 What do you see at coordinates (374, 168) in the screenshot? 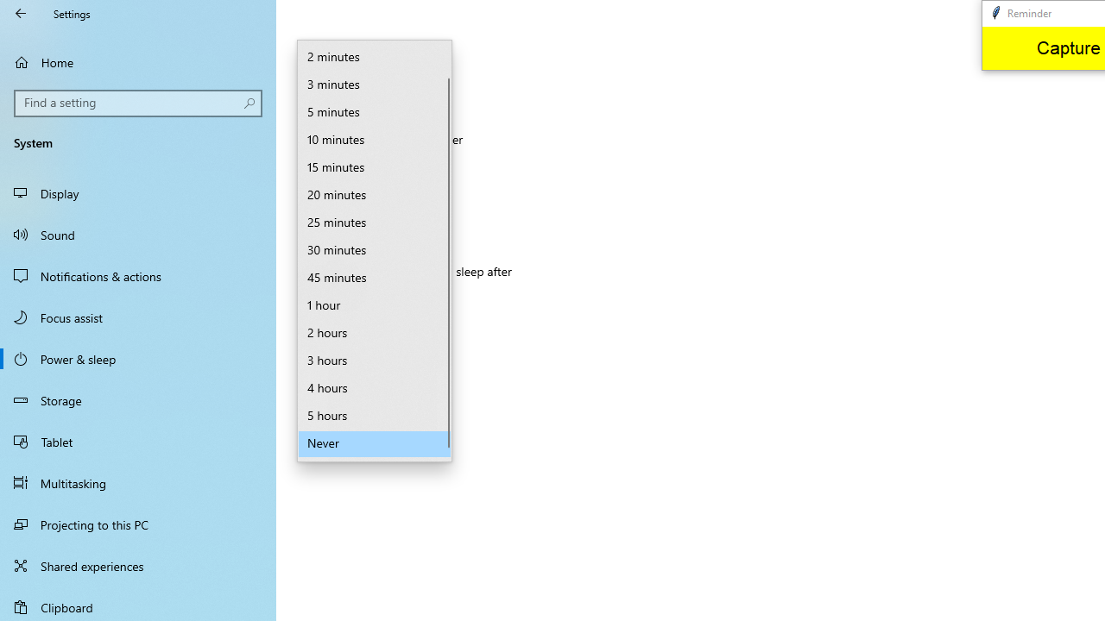
I see `'15 minutes'` at bounding box center [374, 168].